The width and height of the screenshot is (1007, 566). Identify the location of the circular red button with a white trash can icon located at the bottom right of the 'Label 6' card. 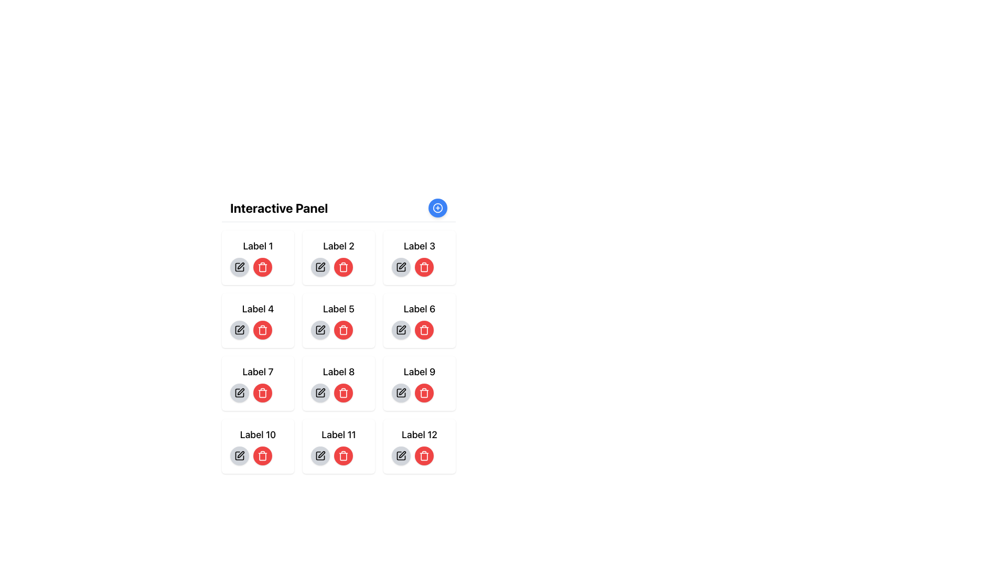
(424, 329).